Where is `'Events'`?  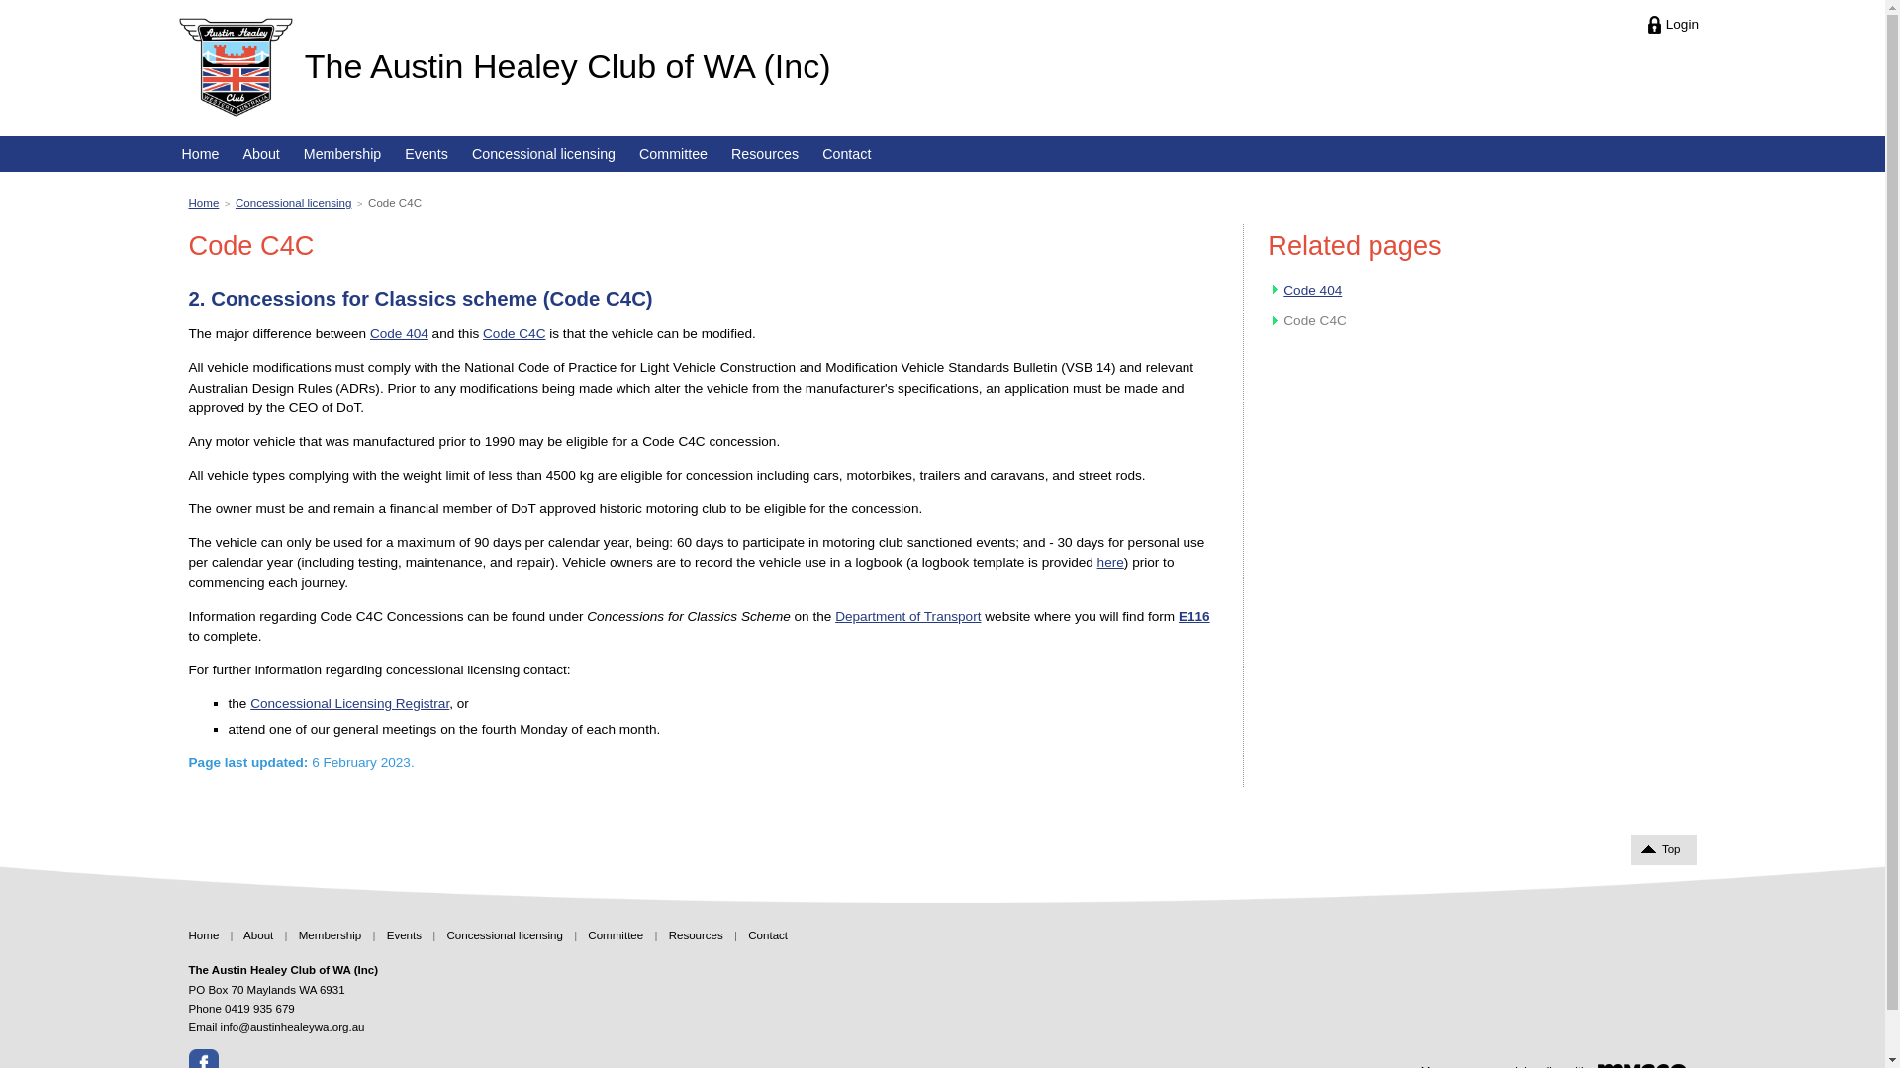
'Events' is located at coordinates (393, 152).